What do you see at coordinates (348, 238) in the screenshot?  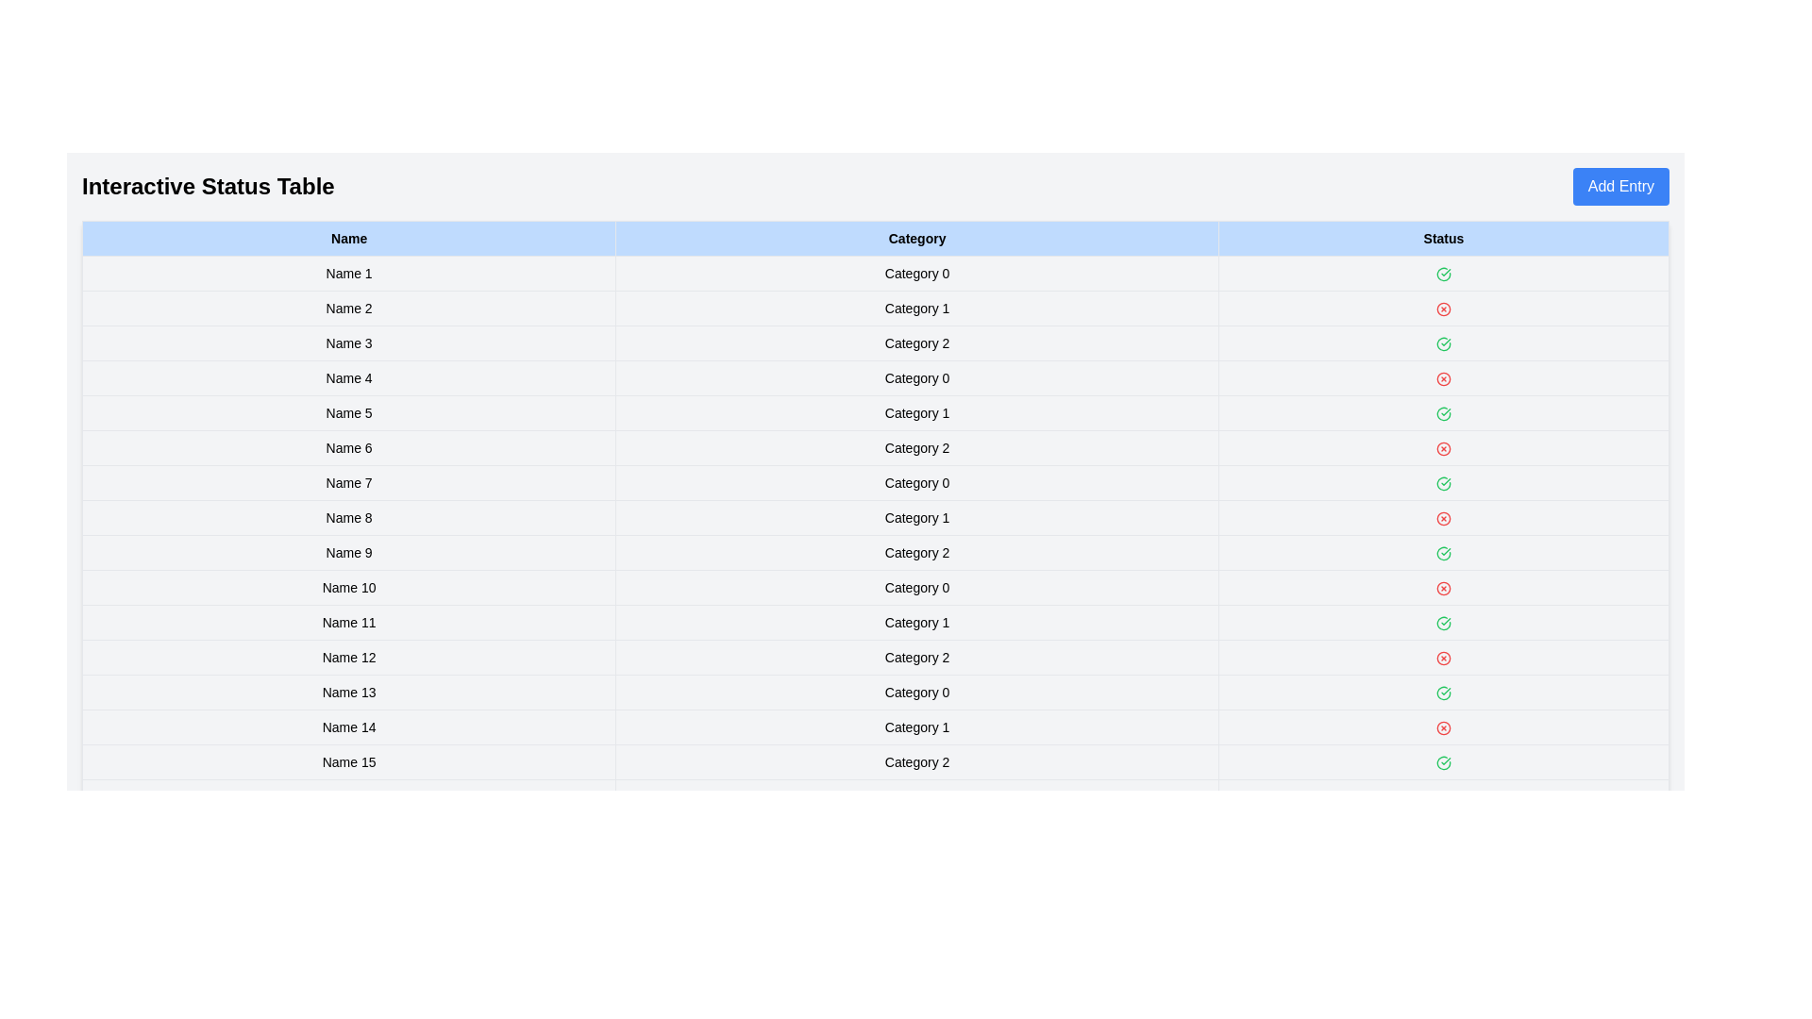 I see `the column header to sort the table by Name` at bounding box center [348, 238].